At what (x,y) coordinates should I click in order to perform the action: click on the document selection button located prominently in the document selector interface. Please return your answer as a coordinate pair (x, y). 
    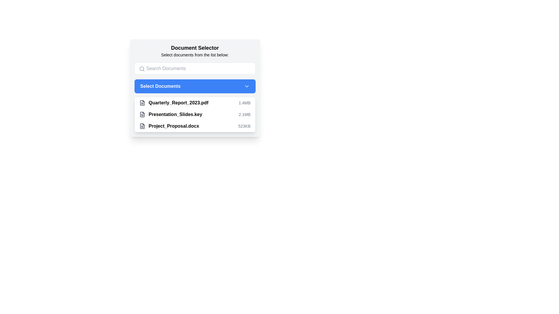
    Looking at the image, I should click on (195, 88).